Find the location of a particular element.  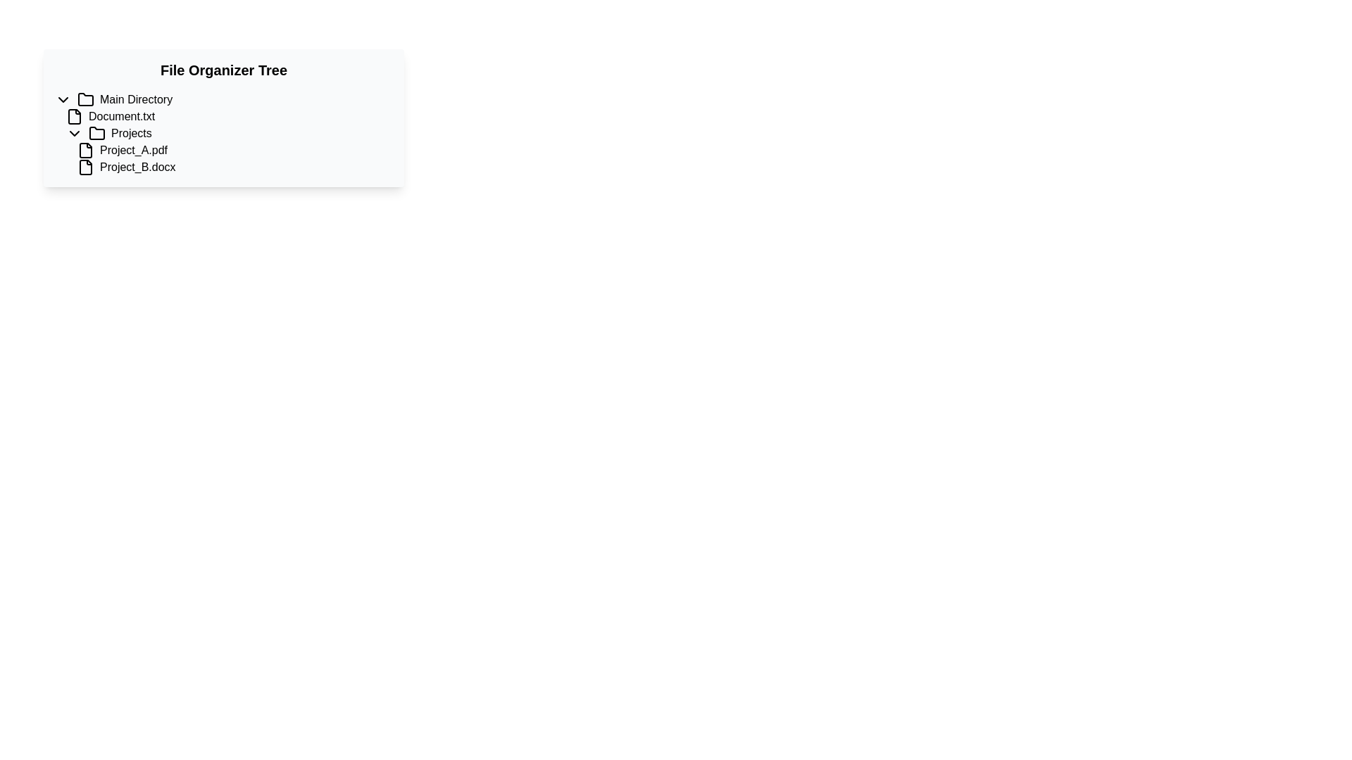

the PDF file icon located to the left of the text 'Project_A.pdf' in the file tree under the 'Projects' directory is located at coordinates (84, 150).